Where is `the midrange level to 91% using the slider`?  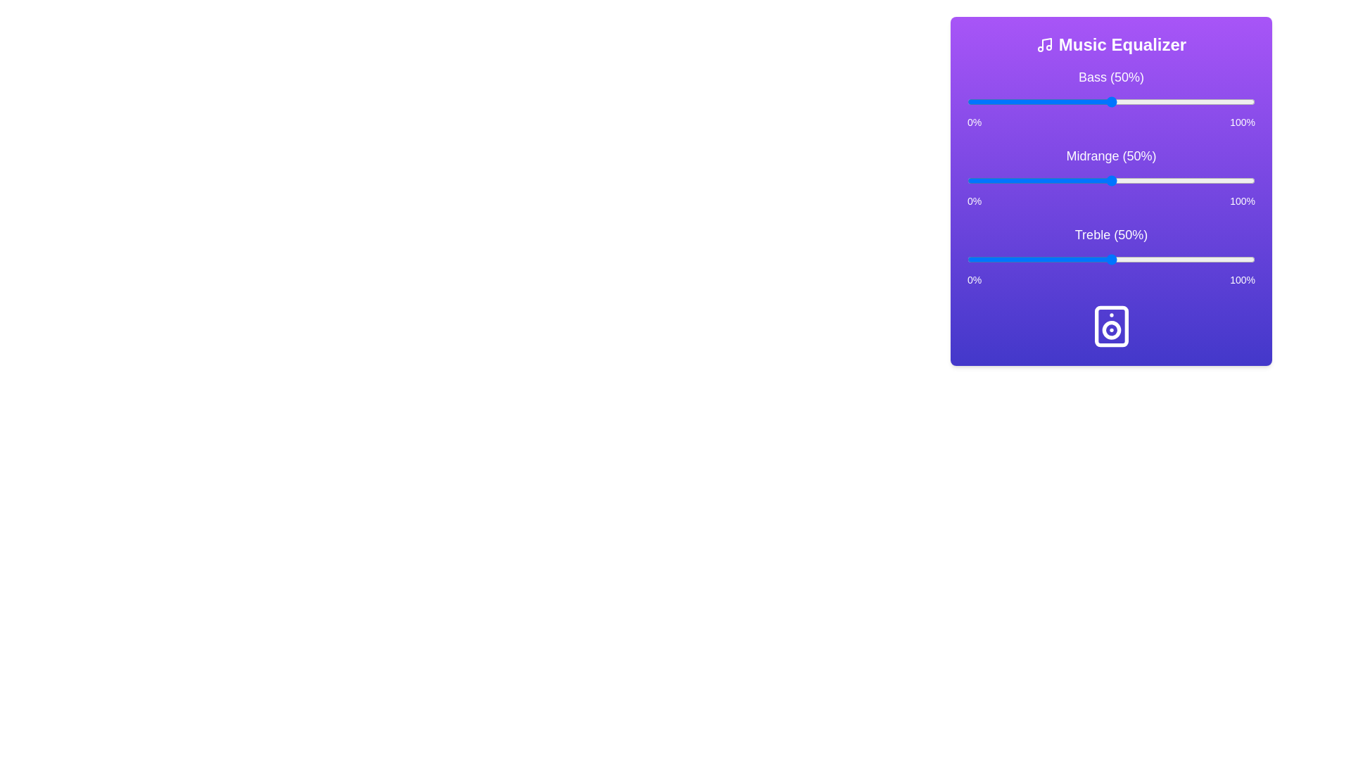 the midrange level to 91% using the slider is located at coordinates (1229, 180).